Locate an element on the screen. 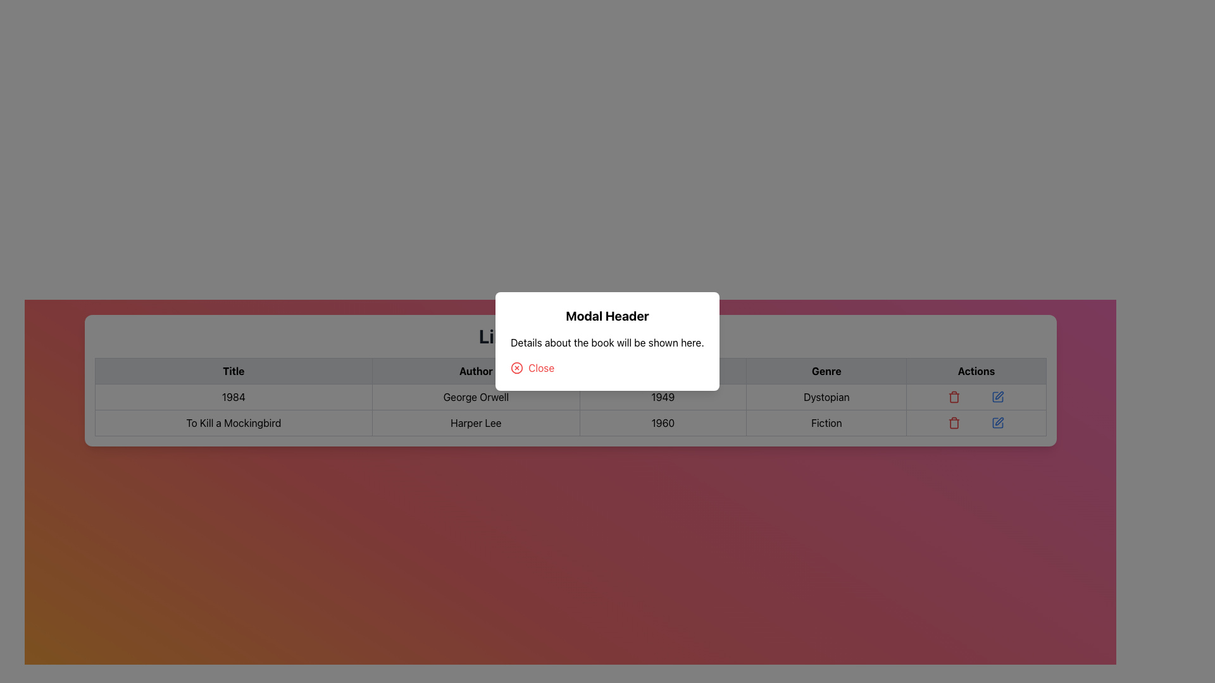  the SVG circle with a cross icon located at the top-left corner of the modal dialog box is located at coordinates (517, 368).